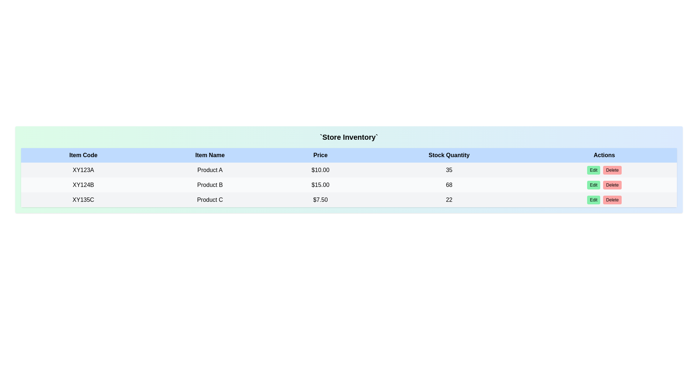 This screenshot has width=698, height=392. What do you see at coordinates (83, 200) in the screenshot?
I see `the text label displaying 'XY135C' located in the first cell under the 'Item Code' column of the table row for 'Product C'` at bounding box center [83, 200].